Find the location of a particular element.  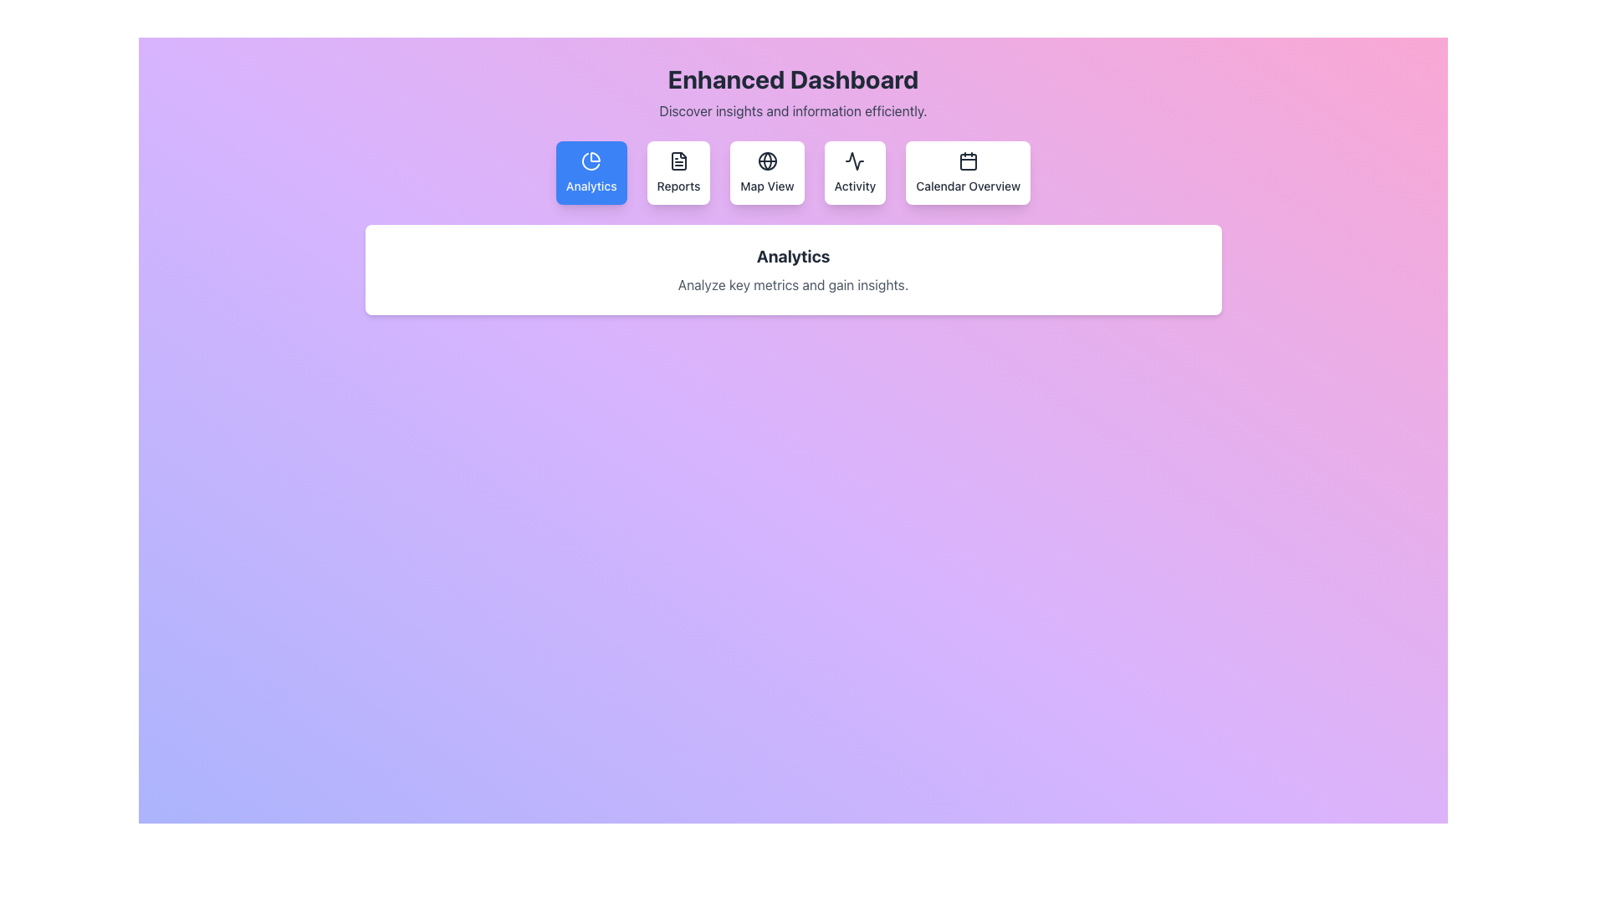

the static text that reads 'Analyze key metrics and gain insights.' located below the title 'Analytics' within a white rectangular card is located at coordinates (792, 283).